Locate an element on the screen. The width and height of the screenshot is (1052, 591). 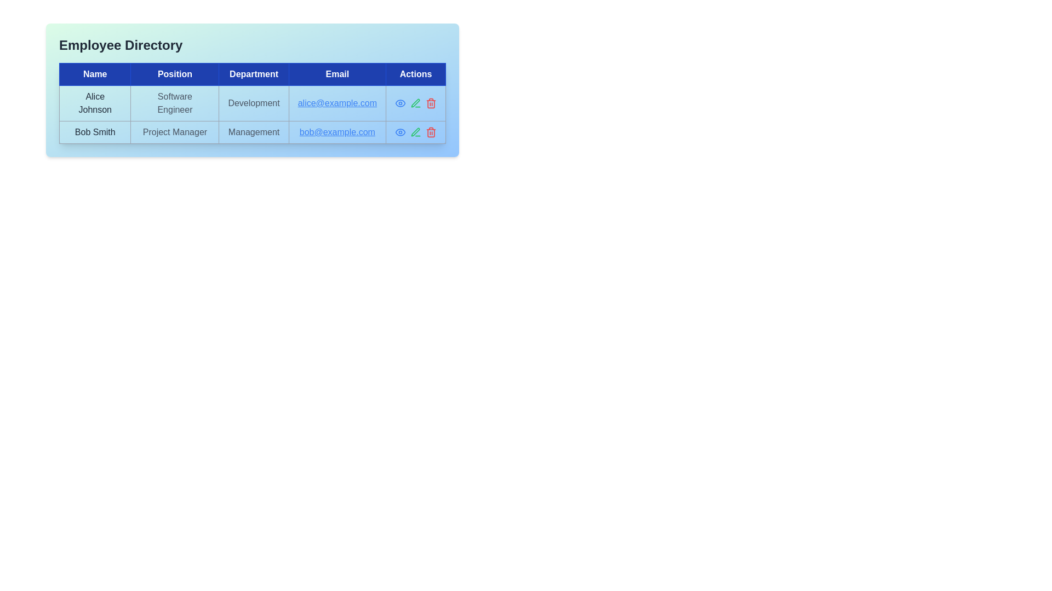
the label displaying the text 'Alice Johnson' in the employee directory table, located in the first row under the 'Name' column is located at coordinates (95, 103).